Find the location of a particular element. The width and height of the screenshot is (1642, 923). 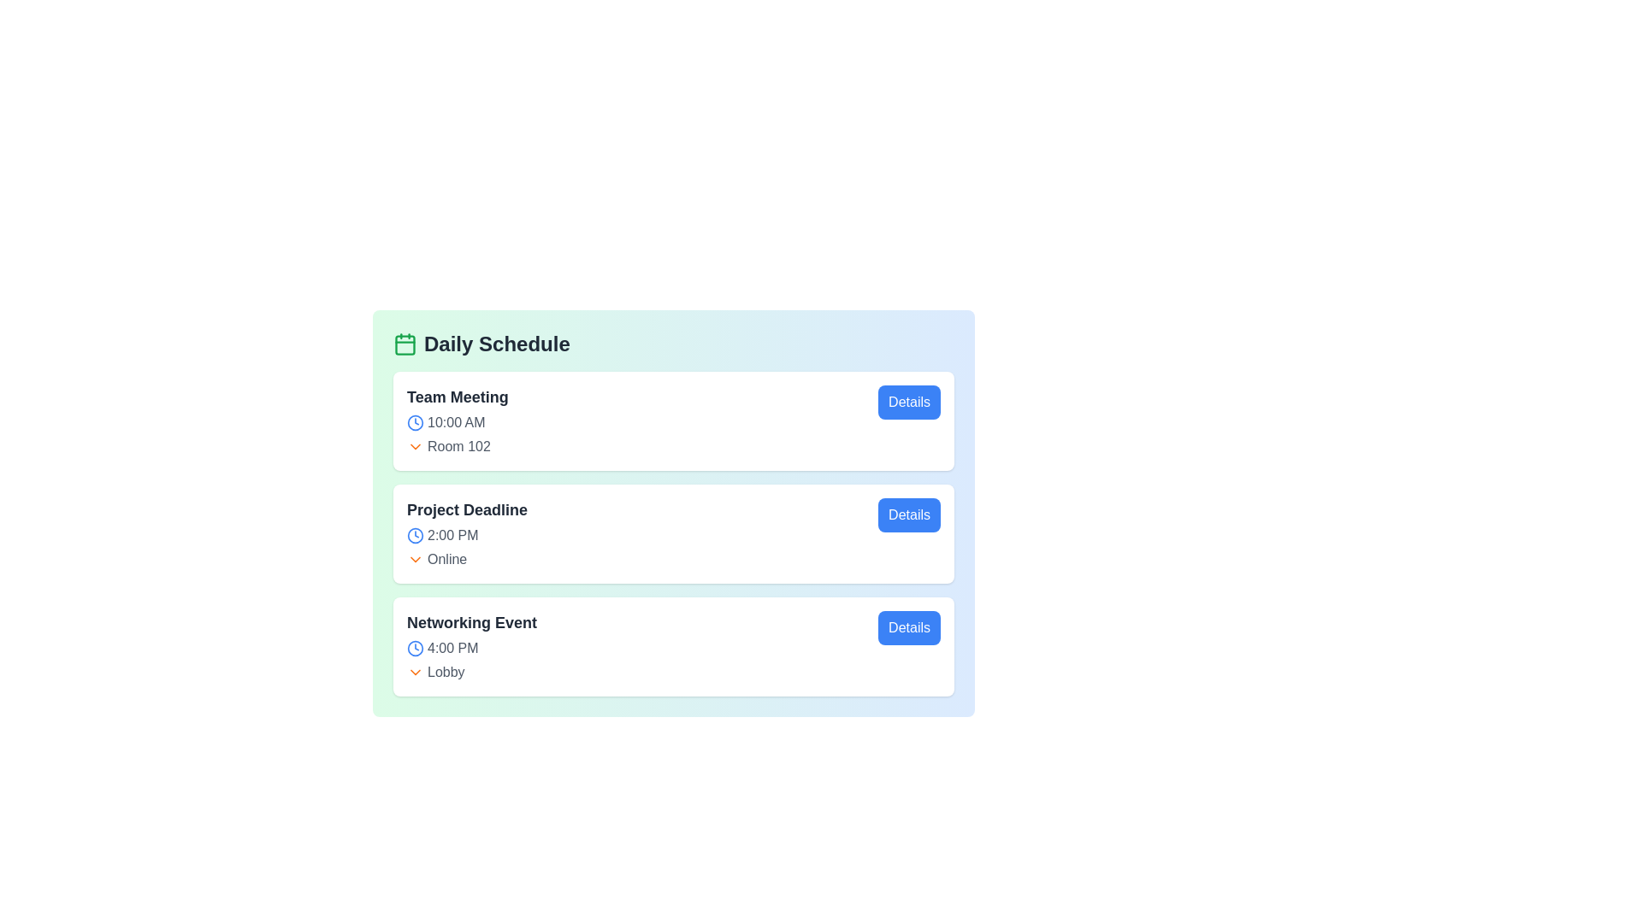

the 'Details' button located on the right side of the 'Networking Event' card in the 'Daily Schedule' list is located at coordinates (908, 628).